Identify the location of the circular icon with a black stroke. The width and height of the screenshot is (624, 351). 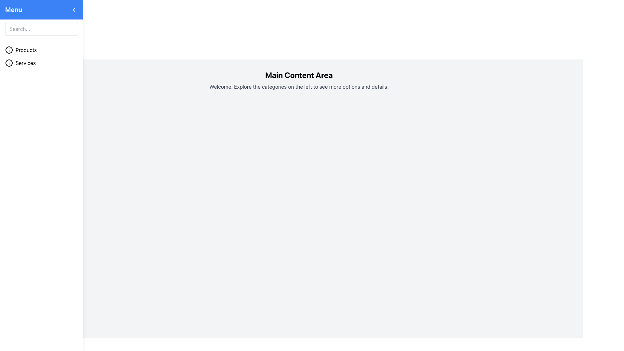
(9, 63).